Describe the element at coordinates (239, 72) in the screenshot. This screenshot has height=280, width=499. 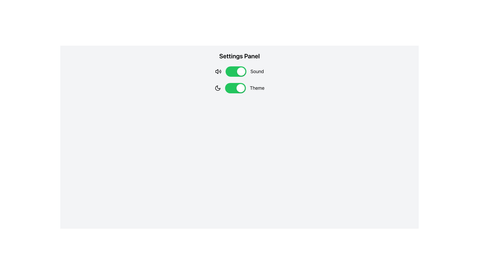
I see `the toggle switch labeled 'Sound' located below the 'Settings Panel' title` at that location.